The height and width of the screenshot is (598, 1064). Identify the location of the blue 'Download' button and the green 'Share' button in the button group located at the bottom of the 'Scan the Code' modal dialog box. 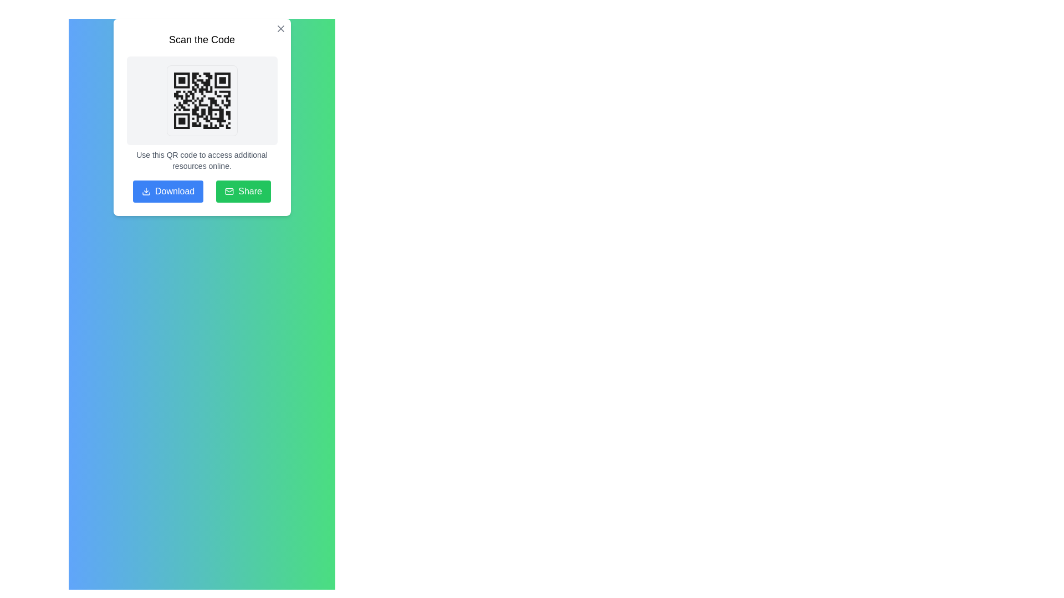
(202, 191).